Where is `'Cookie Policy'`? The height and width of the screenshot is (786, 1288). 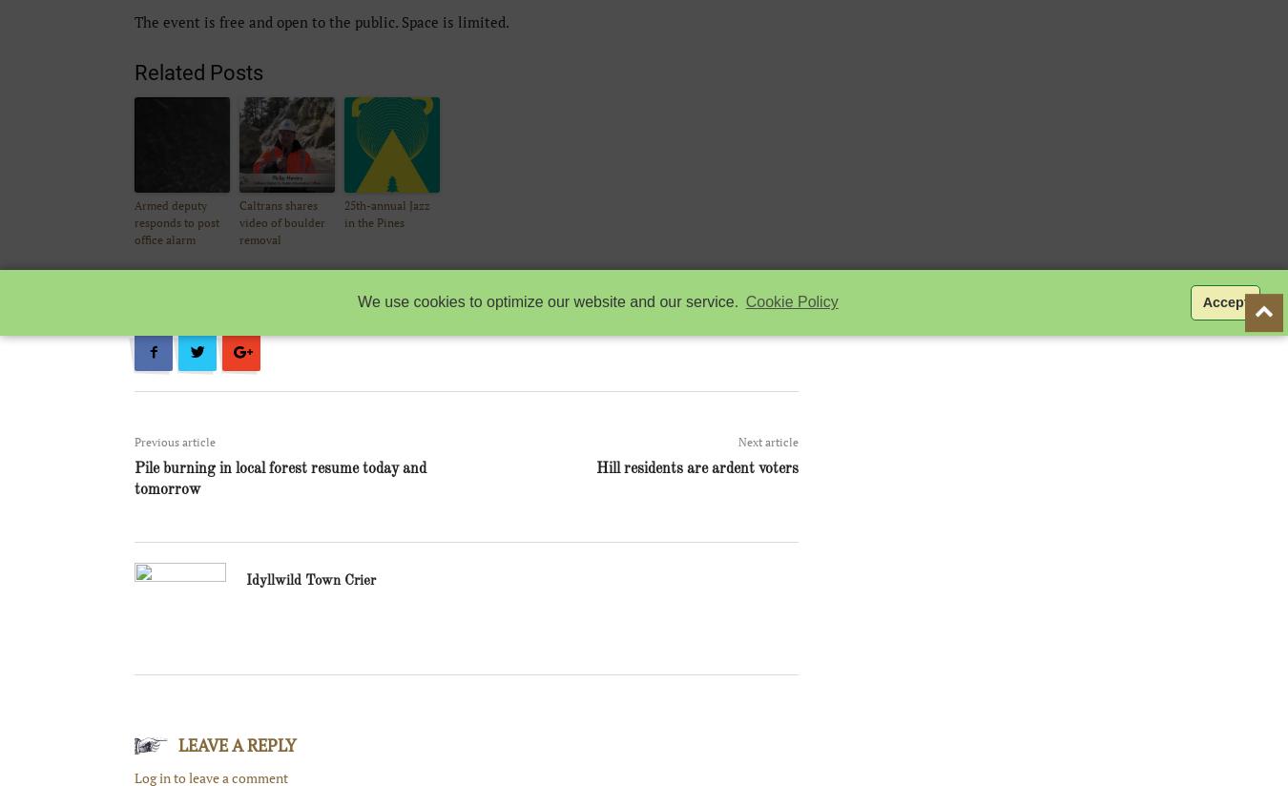
'Cookie Policy' is located at coordinates (743, 301).